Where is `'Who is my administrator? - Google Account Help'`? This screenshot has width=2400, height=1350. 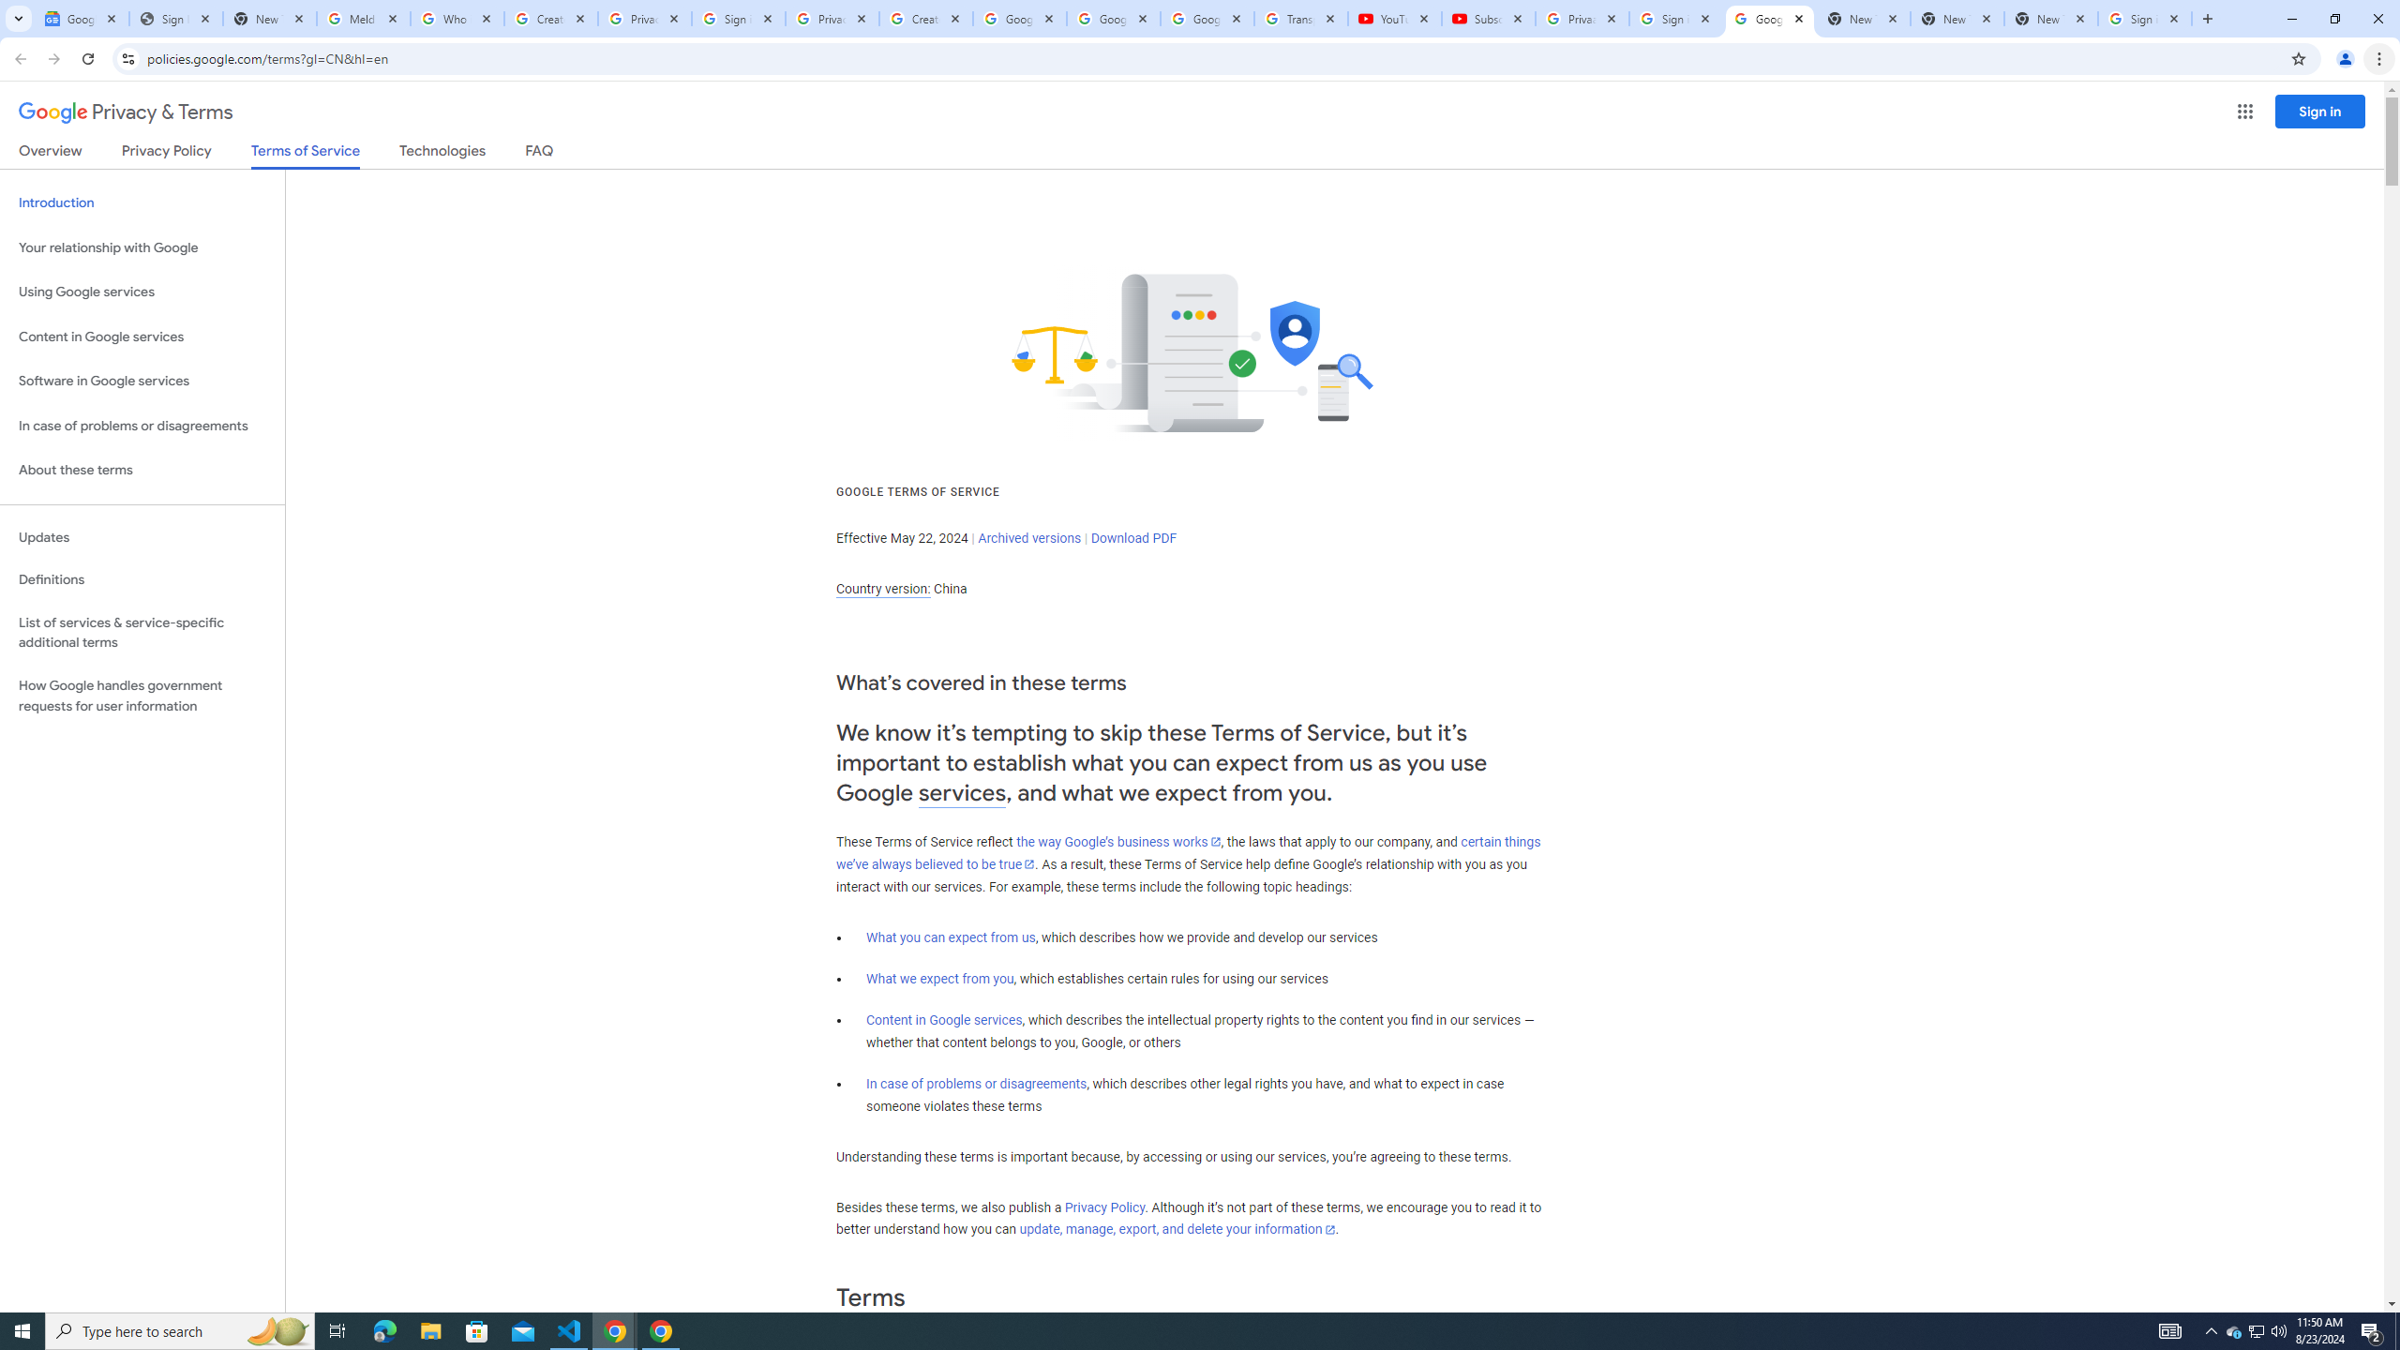
'Who is my administrator? - Google Account Help' is located at coordinates (457, 18).